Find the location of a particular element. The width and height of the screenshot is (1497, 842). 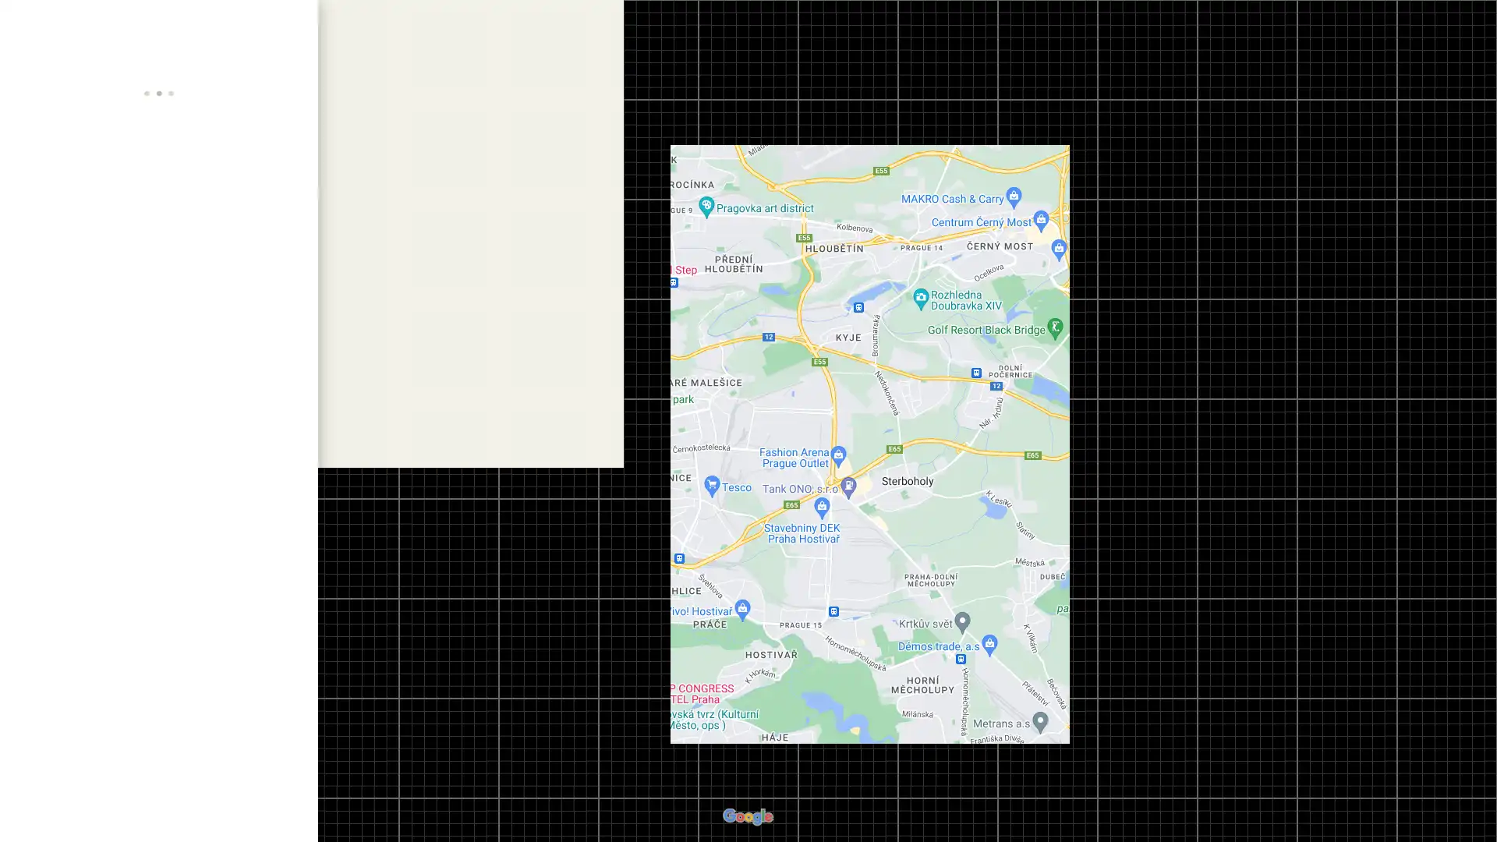

Street View & 360 is located at coordinates (156, 762).